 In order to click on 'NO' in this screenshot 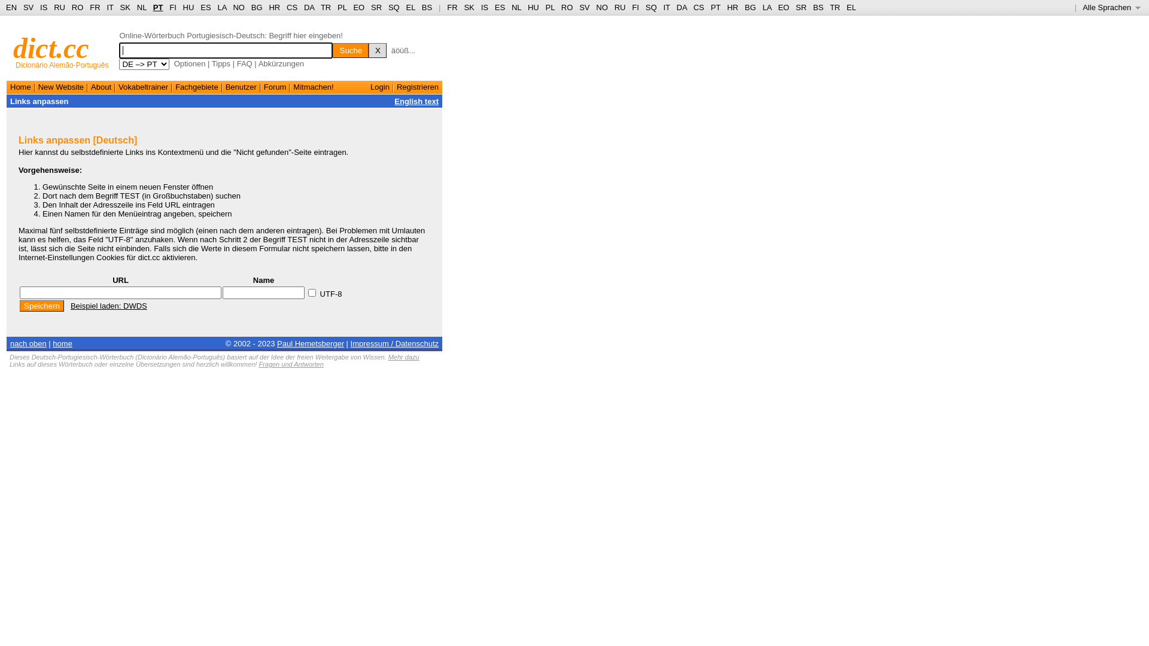, I will do `click(238, 7)`.